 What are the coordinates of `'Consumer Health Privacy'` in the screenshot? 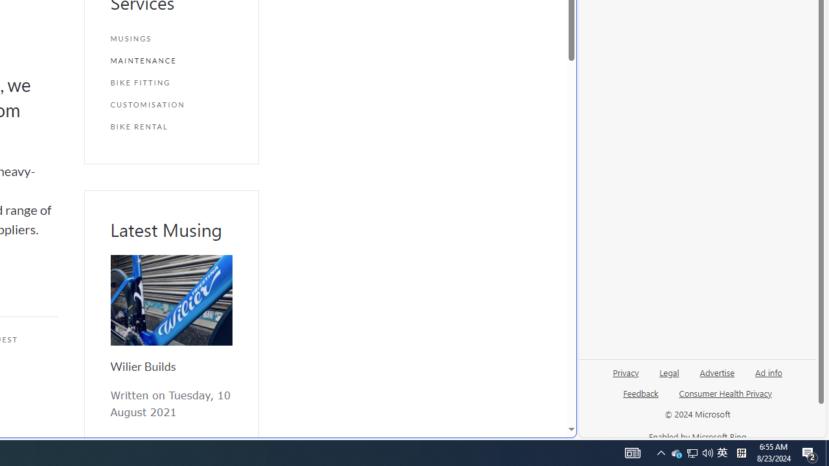 It's located at (725, 397).